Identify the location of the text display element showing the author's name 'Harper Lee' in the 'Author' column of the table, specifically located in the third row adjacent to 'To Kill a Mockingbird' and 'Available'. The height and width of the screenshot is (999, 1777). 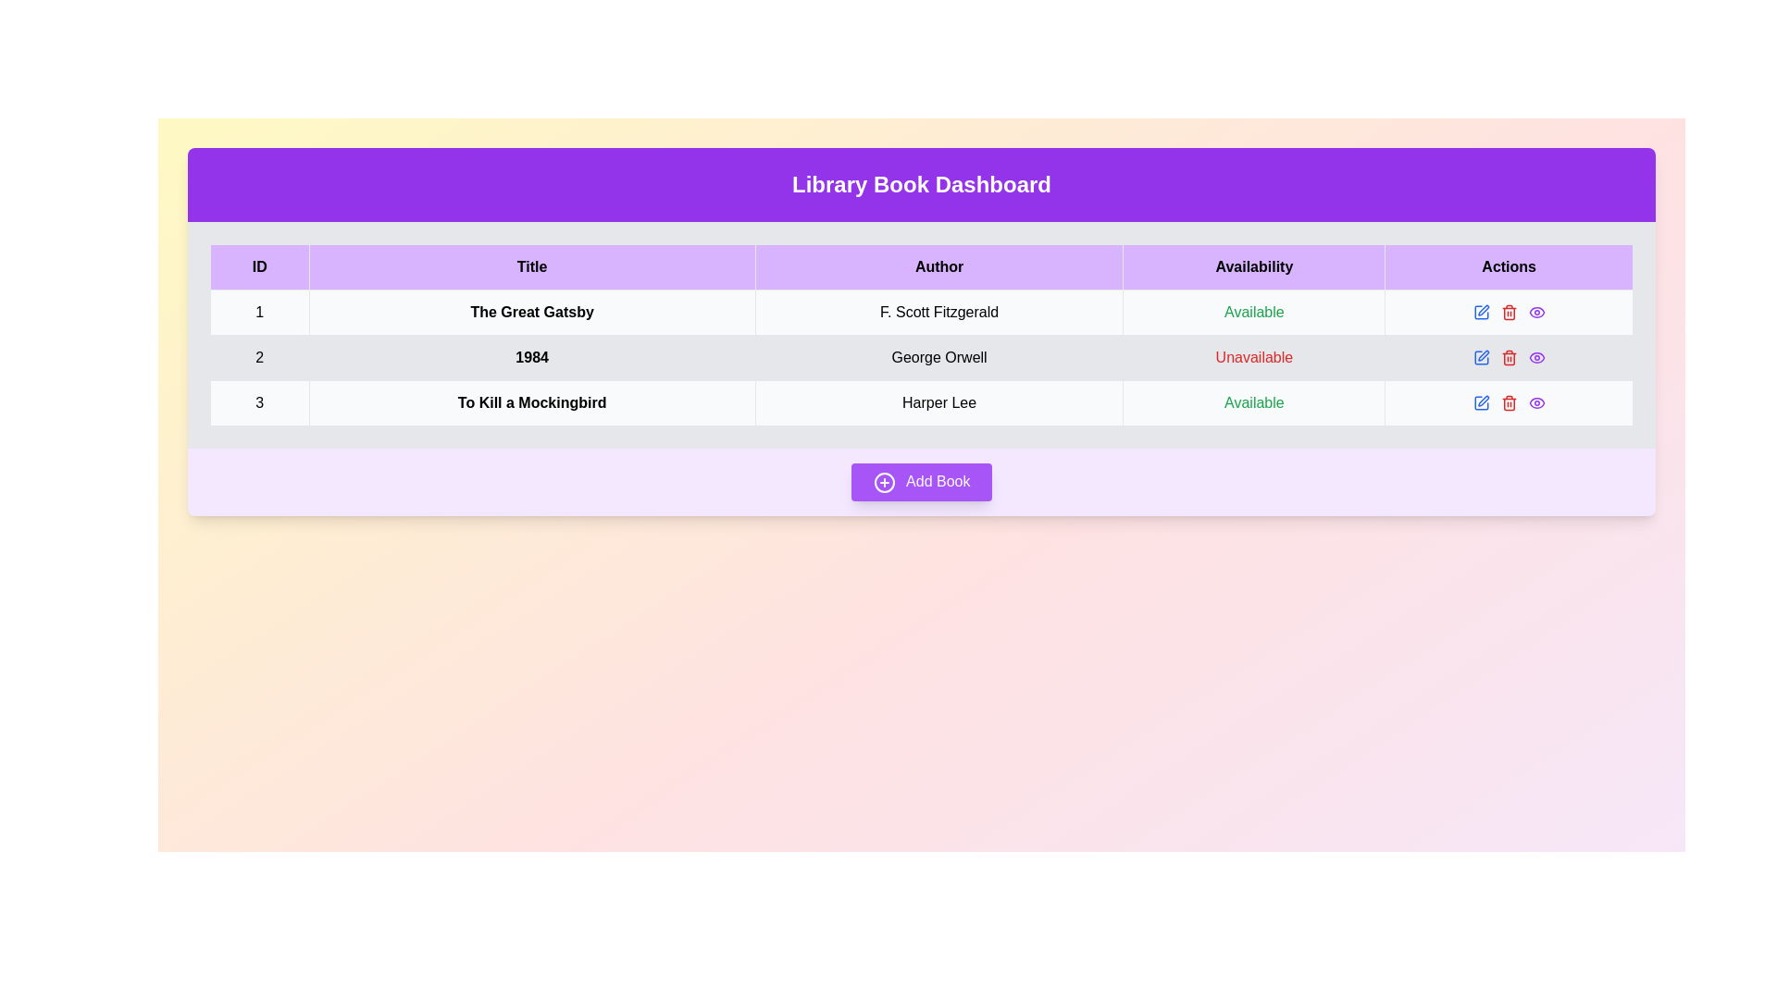
(939, 401).